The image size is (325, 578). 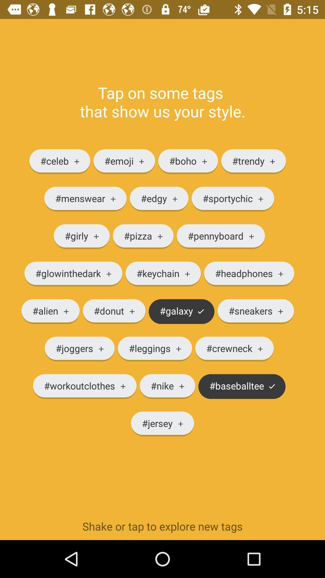 What do you see at coordinates (162, 526) in the screenshot?
I see `shake or tap icon` at bounding box center [162, 526].